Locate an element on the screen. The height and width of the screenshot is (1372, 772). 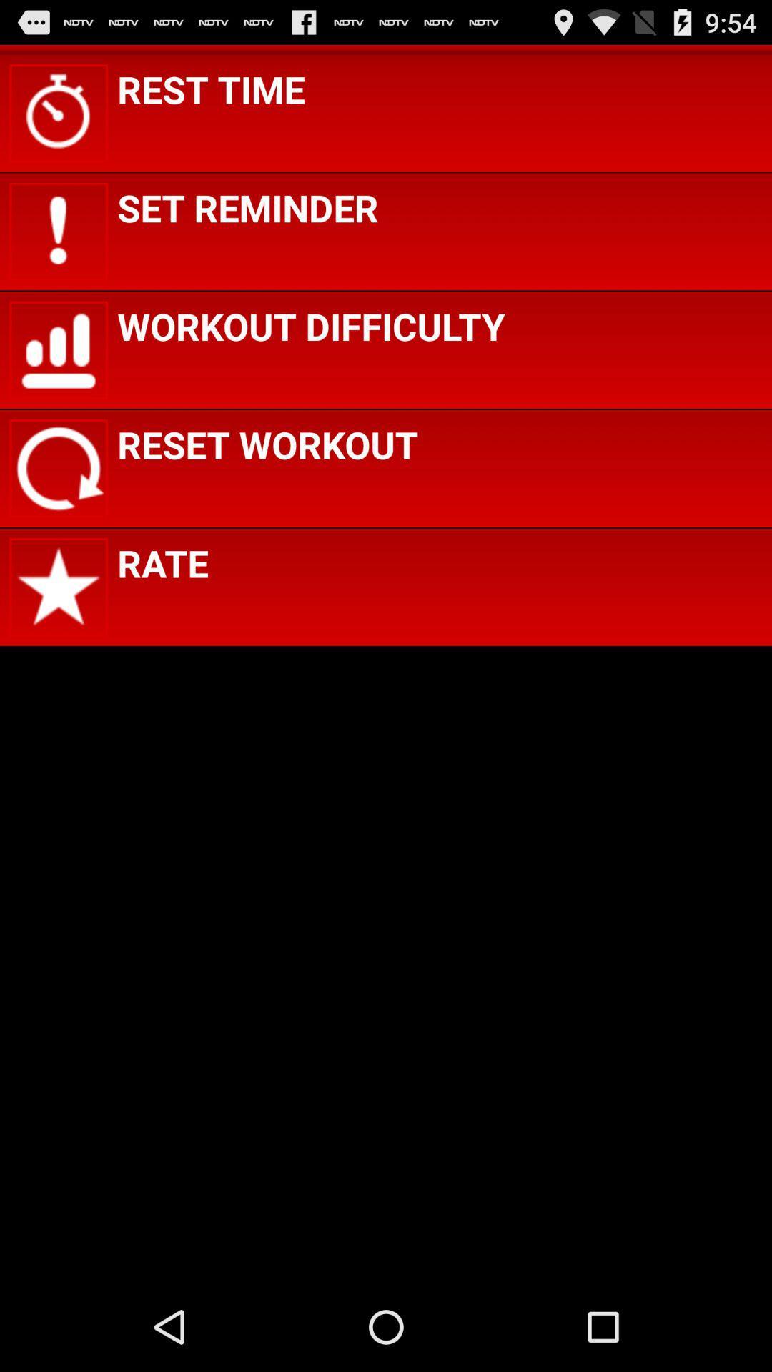
item below workout difficulty is located at coordinates (267, 444).